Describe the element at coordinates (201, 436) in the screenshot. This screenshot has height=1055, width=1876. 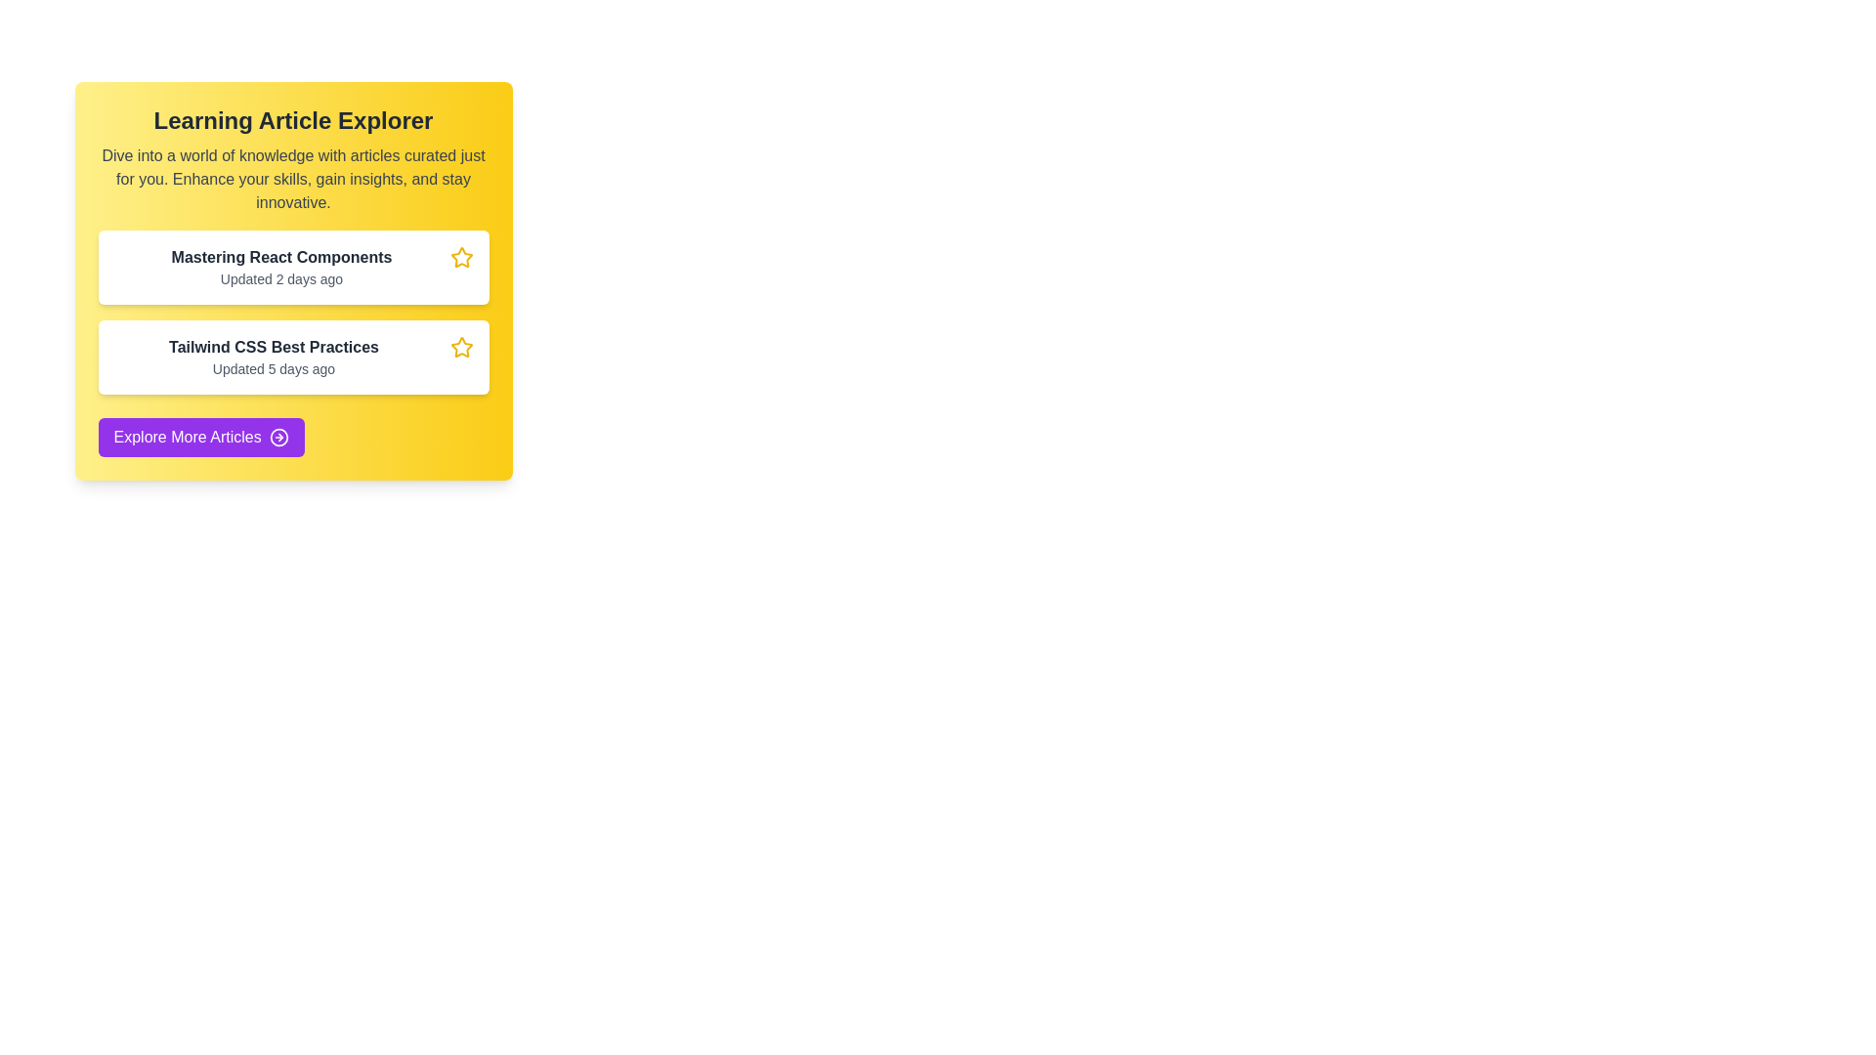
I see `the button located at the bottom center of a yellow gradient card layout` at that location.